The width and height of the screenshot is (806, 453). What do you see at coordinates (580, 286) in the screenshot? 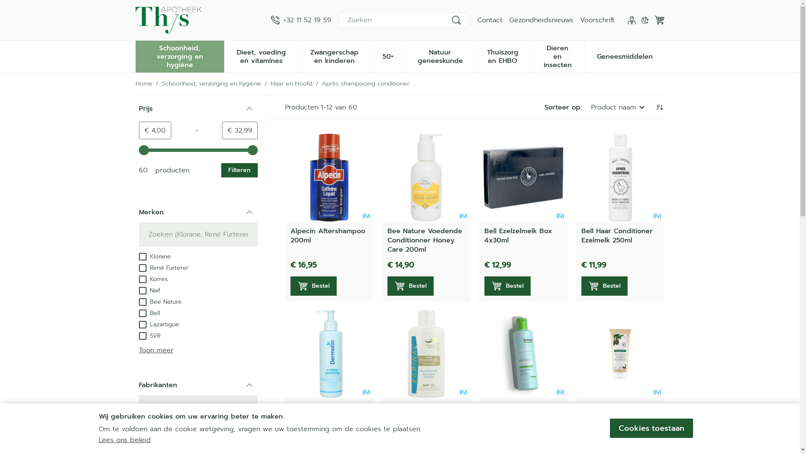
I see `'Bestel'` at bounding box center [580, 286].